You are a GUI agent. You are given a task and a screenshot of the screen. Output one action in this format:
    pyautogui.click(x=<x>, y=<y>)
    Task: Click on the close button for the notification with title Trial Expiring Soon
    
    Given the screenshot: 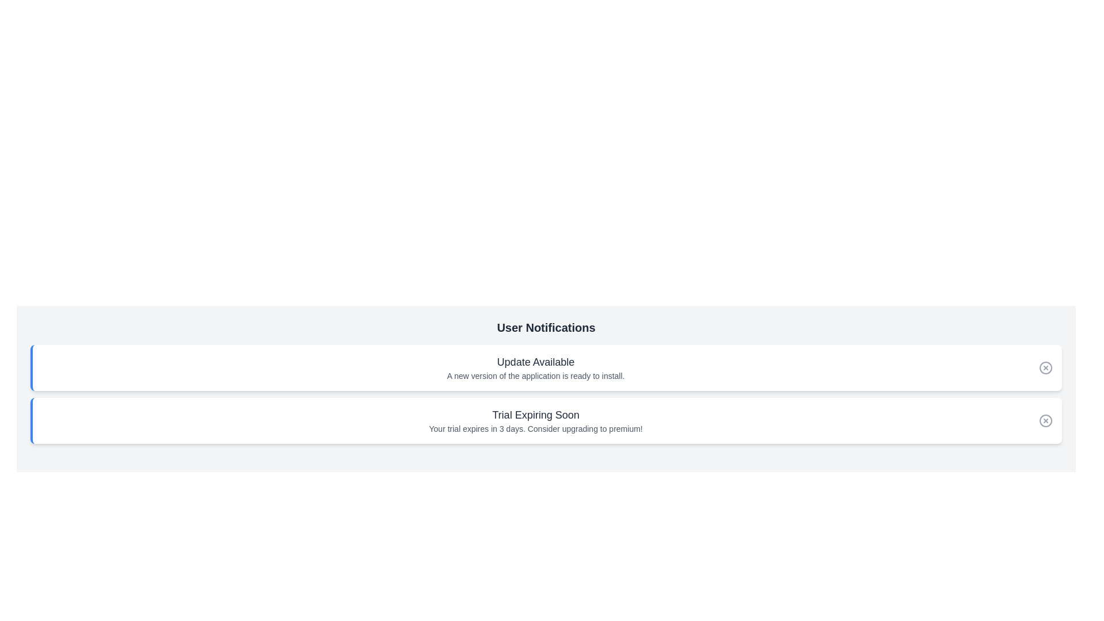 What is the action you would take?
    pyautogui.click(x=1046, y=421)
    